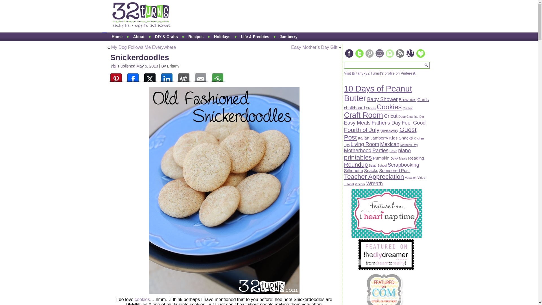 The width and height of the screenshot is (542, 305). Describe the element at coordinates (384, 181) in the screenshot. I see `'Video Tutorial'` at that location.